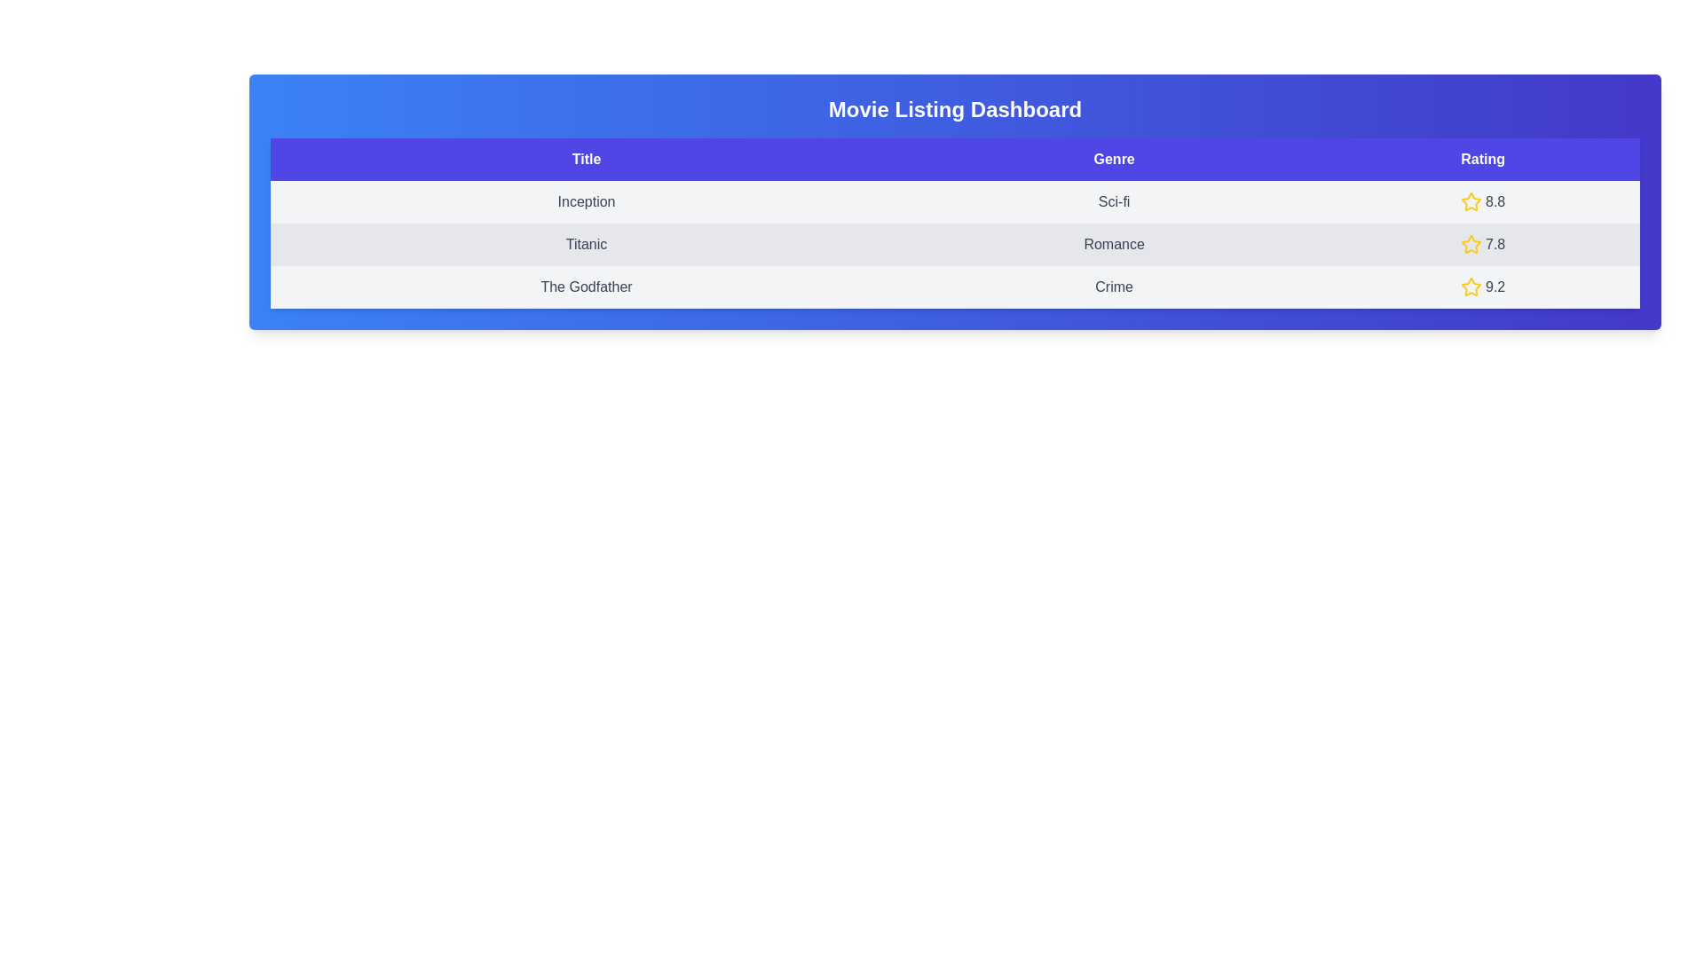 This screenshot has width=1704, height=958. Describe the element at coordinates (1471, 287) in the screenshot. I see `the star icon in the third row of the 'Rating' column, which is located adjacent to the text '9.2'` at that location.